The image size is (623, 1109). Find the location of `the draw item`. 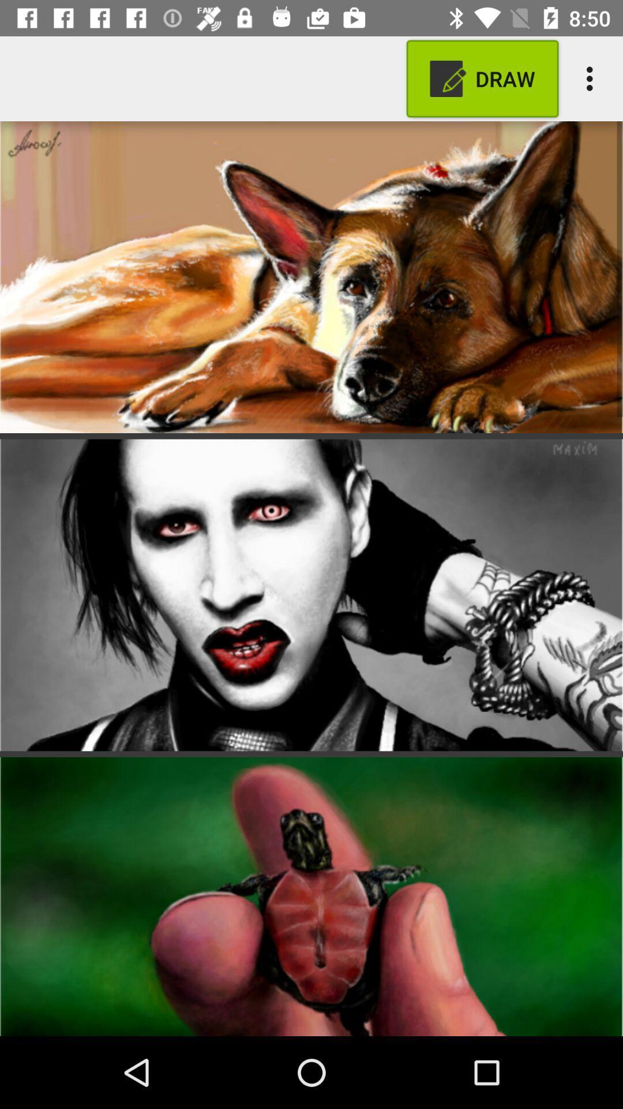

the draw item is located at coordinates (482, 78).